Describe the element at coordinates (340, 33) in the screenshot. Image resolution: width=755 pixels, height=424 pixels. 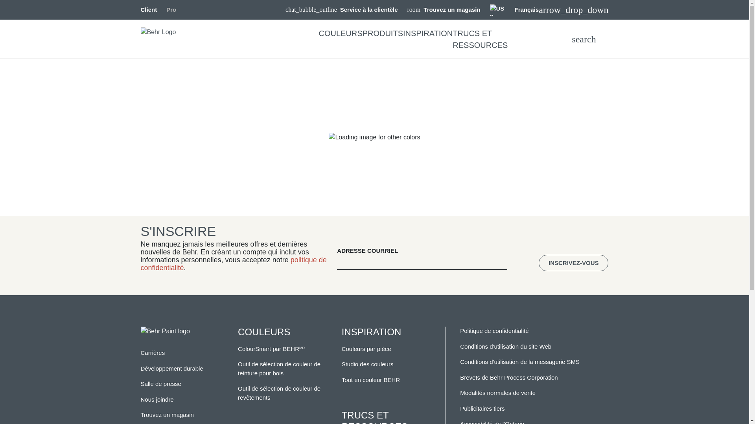
I see `'COULEURS'` at that location.